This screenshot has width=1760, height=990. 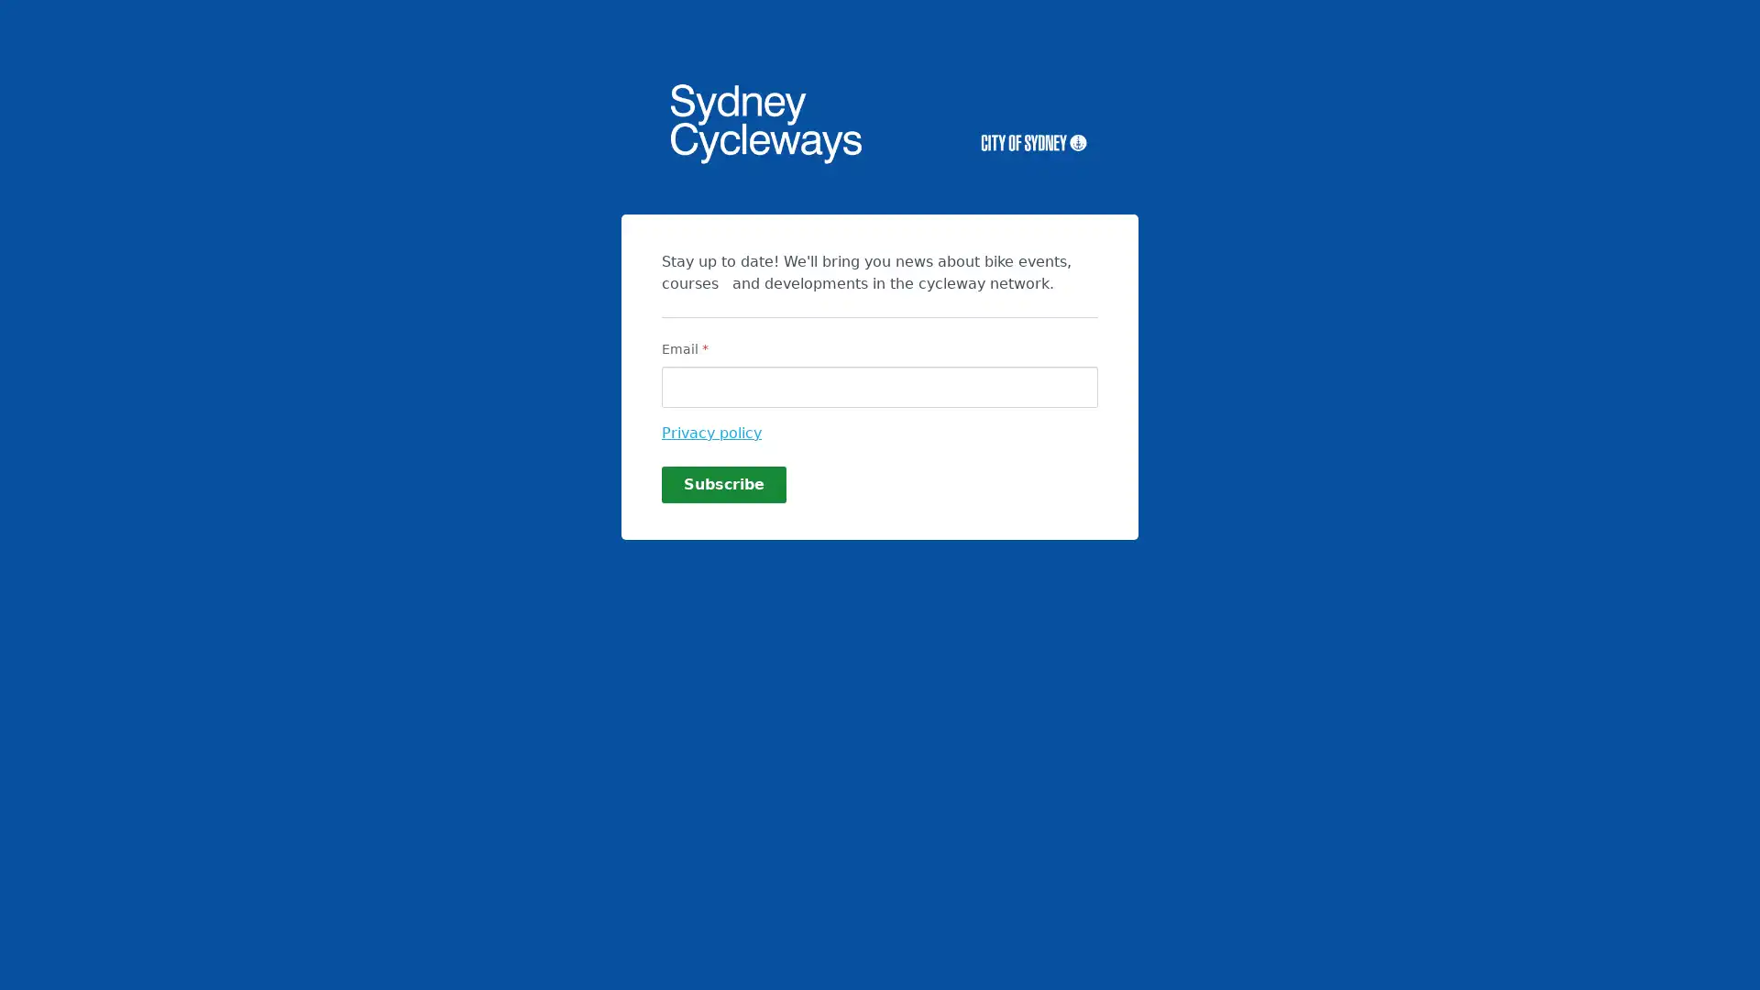 What do you see at coordinates (723, 483) in the screenshot?
I see `Subscribe` at bounding box center [723, 483].